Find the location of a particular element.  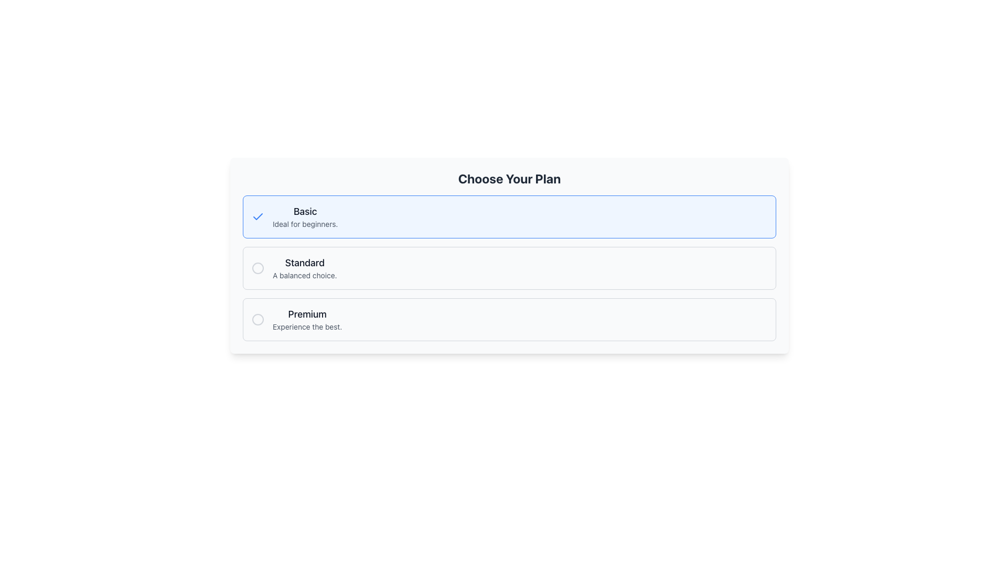

the static text element that identifies the 'Premium' plan in the options list is located at coordinates (307, 314).